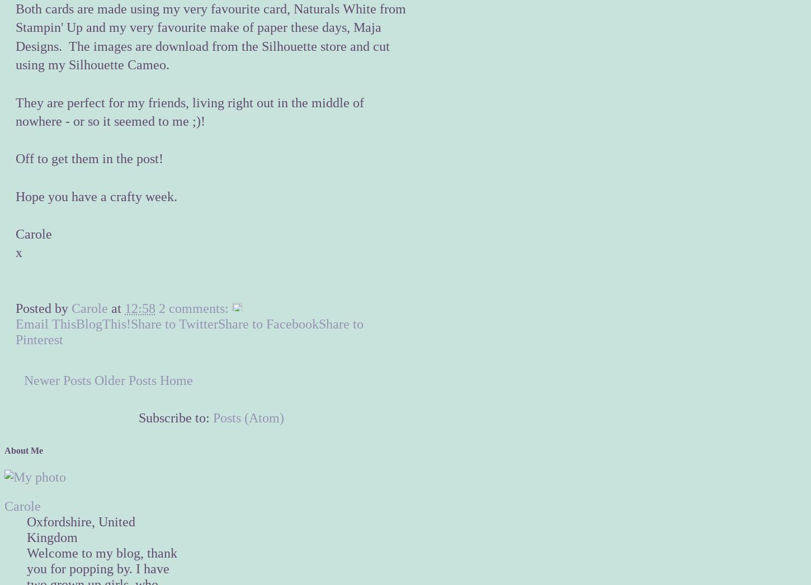 This screenshot has height=585, width=811. What do you see at coordinates (190, 111) in the screenshot?
I see `'They are perfect for my friends, living right out in the middle of nowhere - or so it seemed to me ;)!'` at bounding box center [190, 111].